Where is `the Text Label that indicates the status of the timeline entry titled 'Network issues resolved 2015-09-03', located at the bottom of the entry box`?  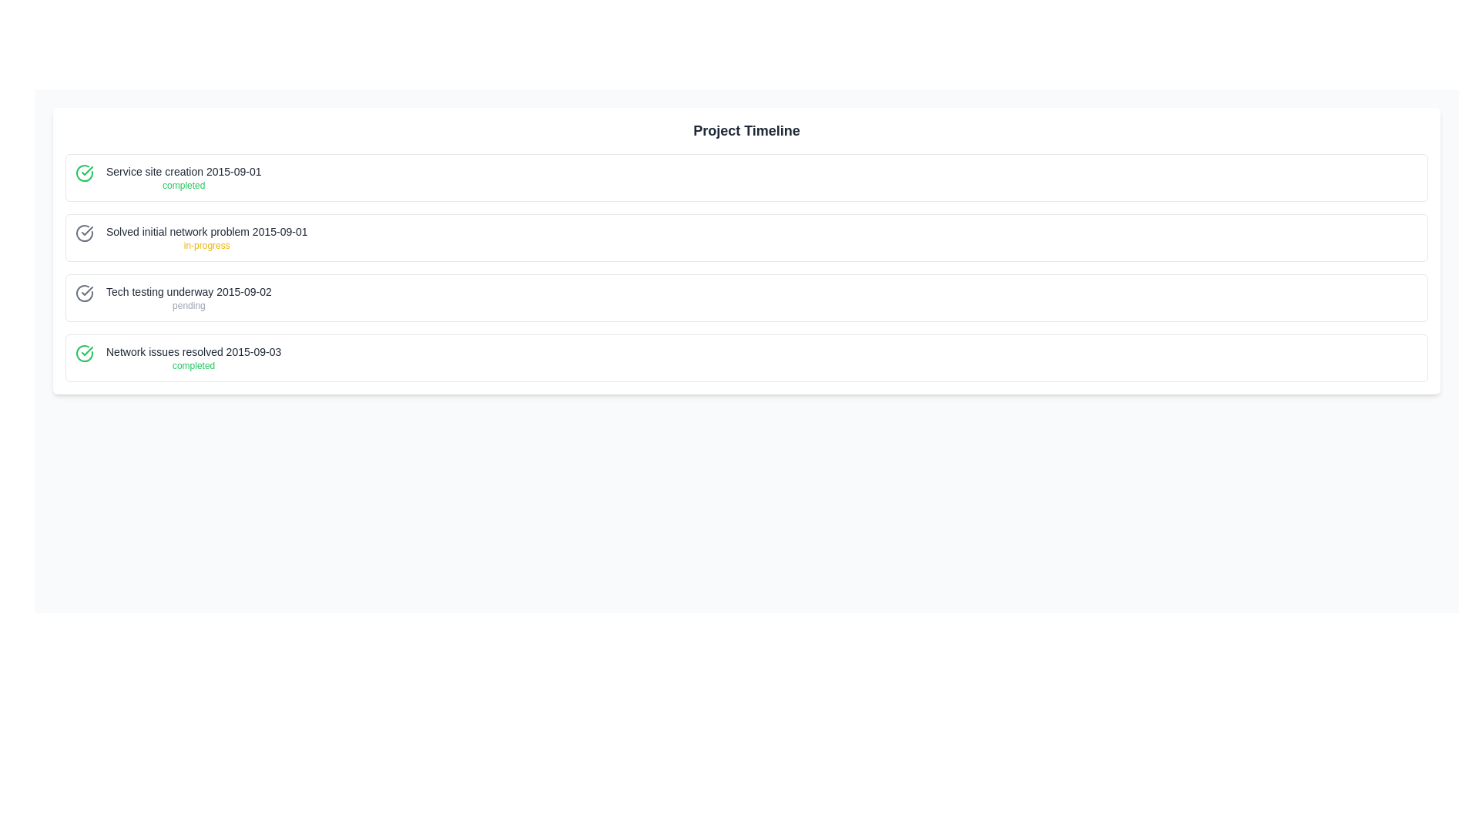 the Text Label that indicates the status of the timeline entry titled 'Network issues resolved 2015-09-03', located at the bottom of the entry box is located at coordinates (193, 365).